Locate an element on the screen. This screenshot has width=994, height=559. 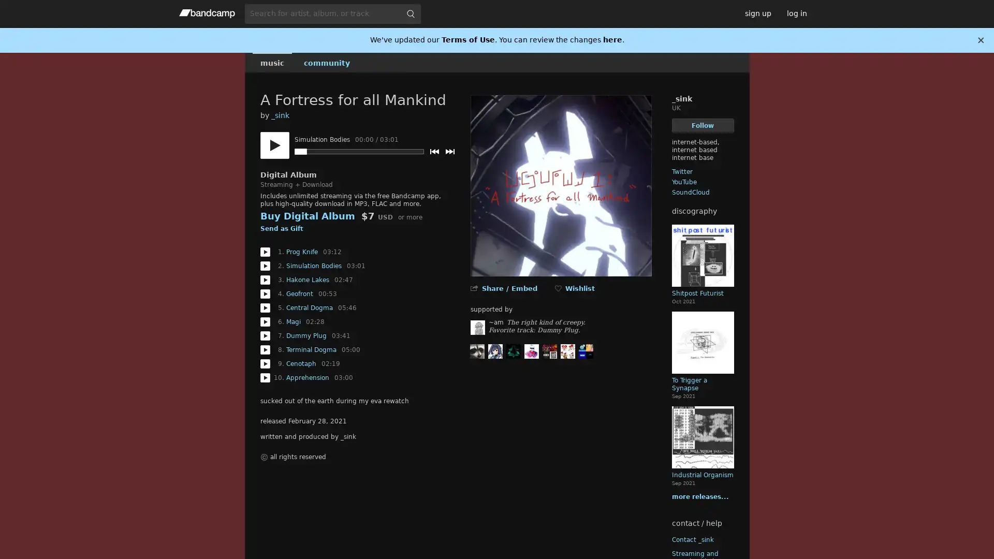
Play Dummy Plug is located at coordinates (265, 335).